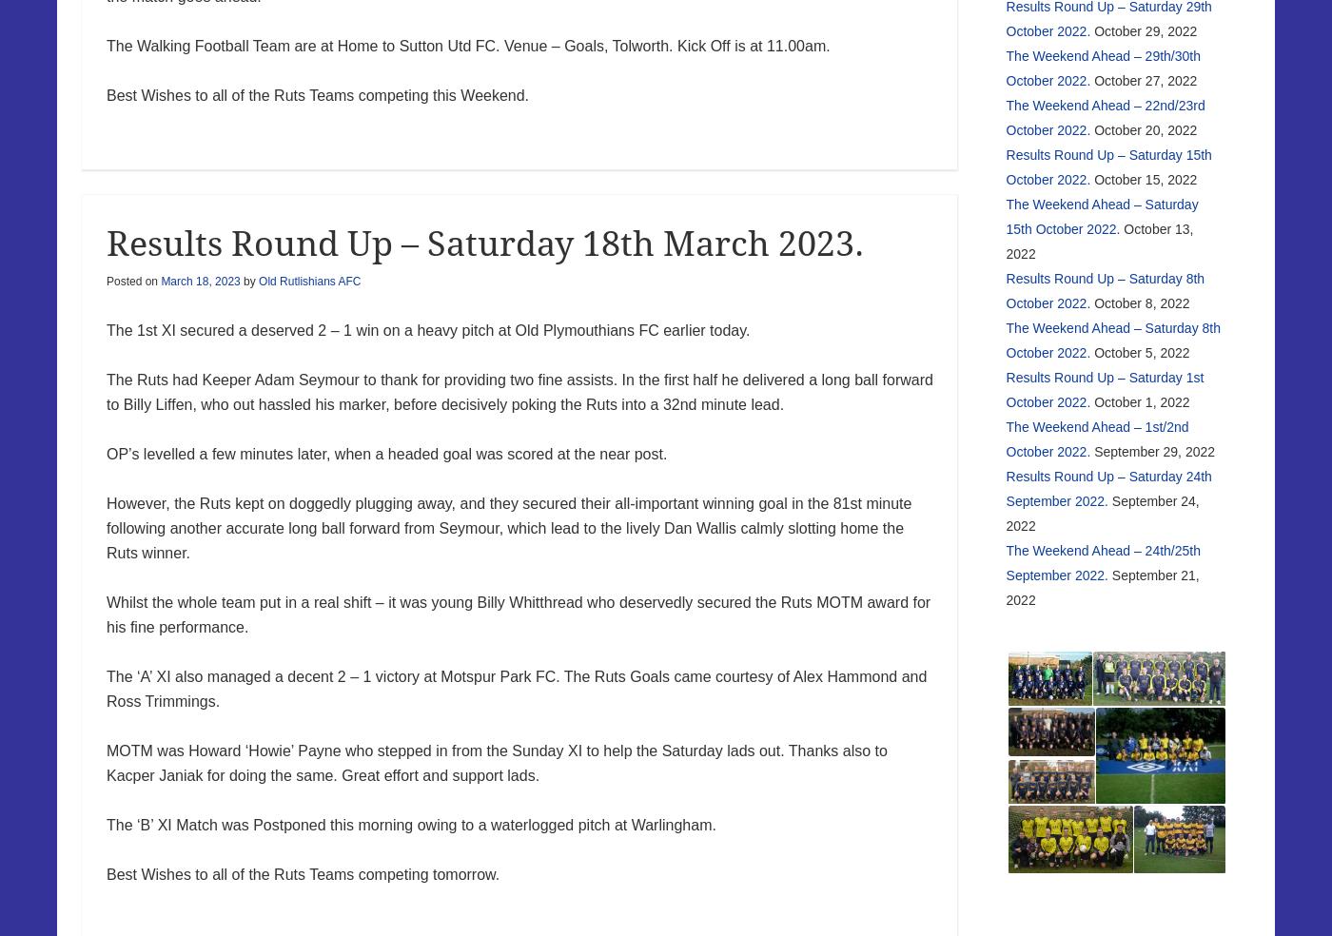 This screenshot has width=1332, height=936. What do you see at coordinates (1107, 166) in the screenshot?
I see `'Results Round Up – Saturday 15th October 2022.'` at bounding box center [1107, 166].